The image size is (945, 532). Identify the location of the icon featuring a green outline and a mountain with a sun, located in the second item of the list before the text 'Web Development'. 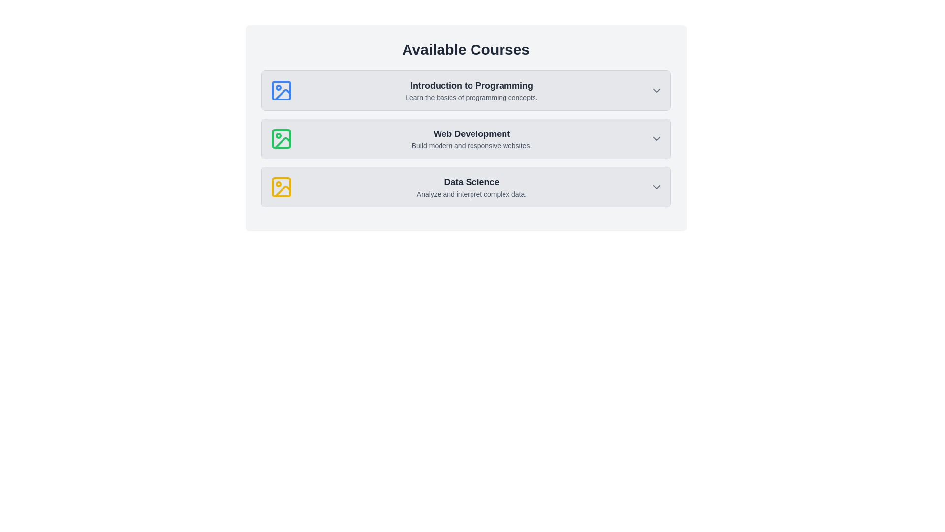
(281, 138).